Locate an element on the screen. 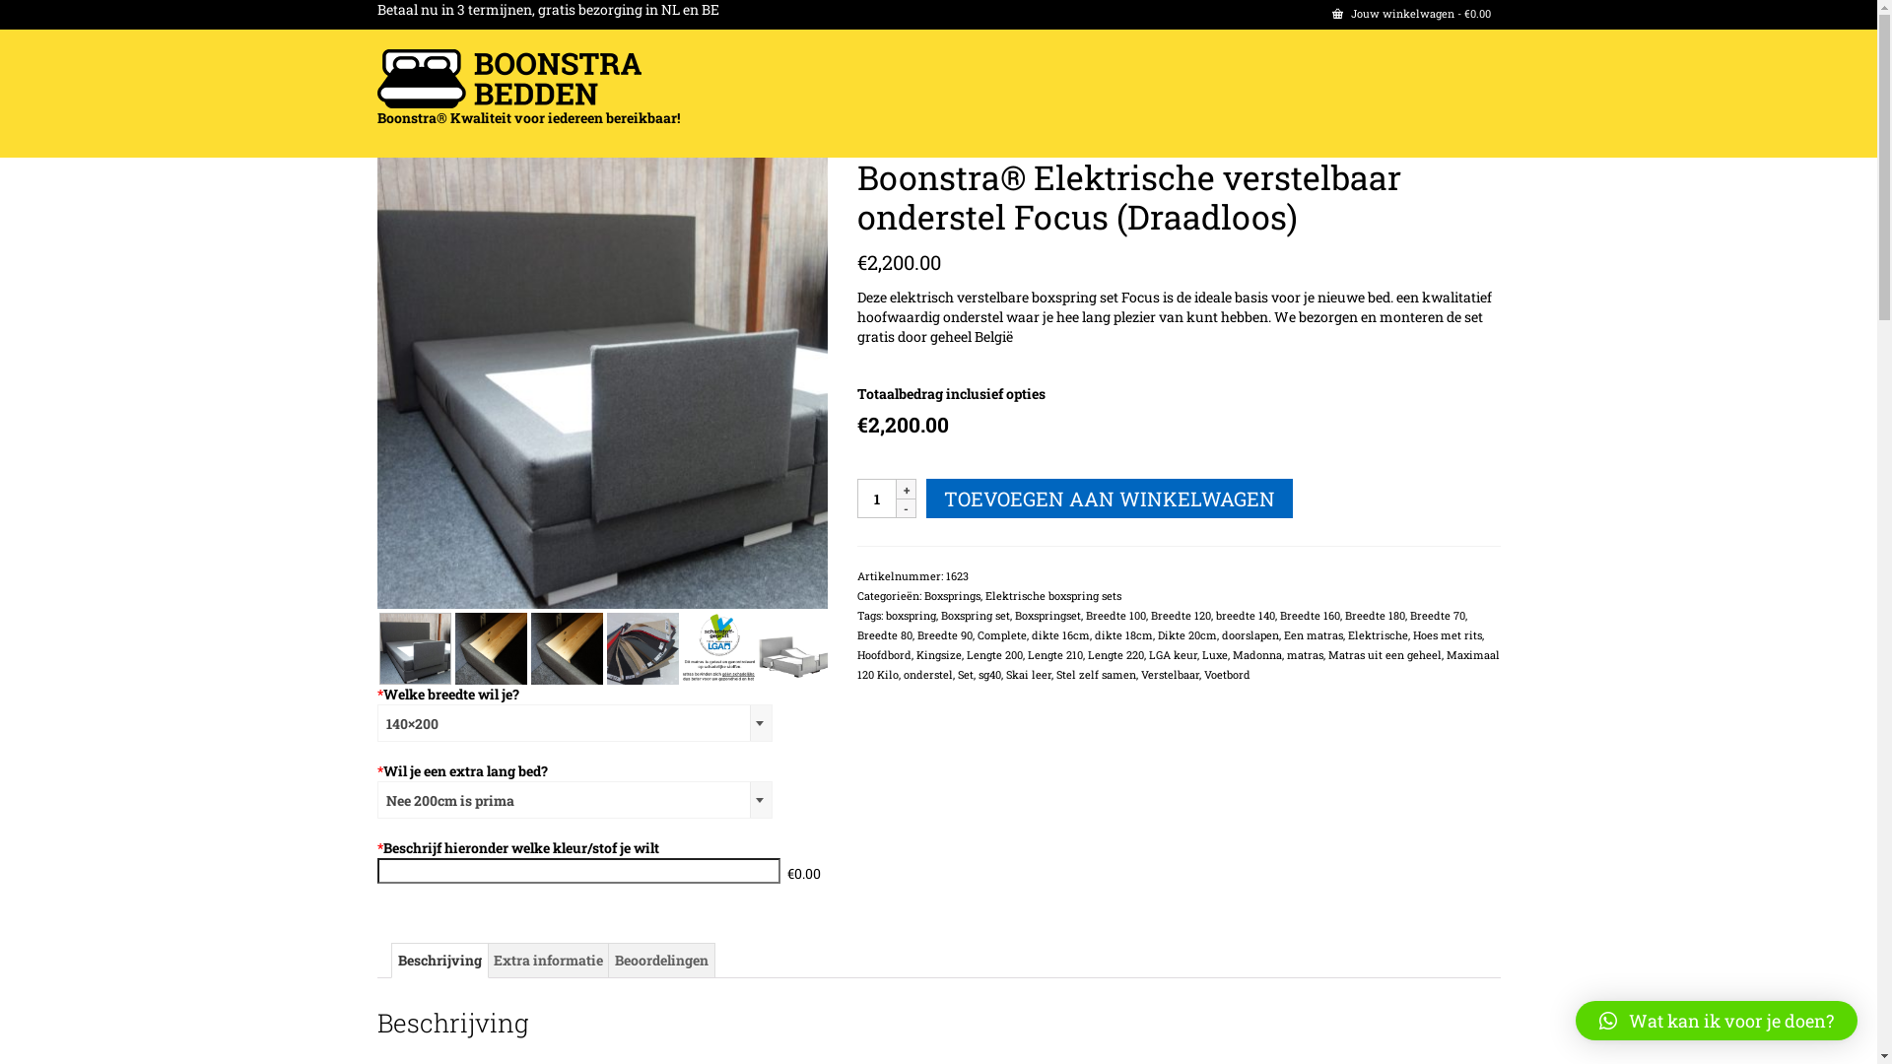  'Lengte 210' is located at coordinates (1053, 654).